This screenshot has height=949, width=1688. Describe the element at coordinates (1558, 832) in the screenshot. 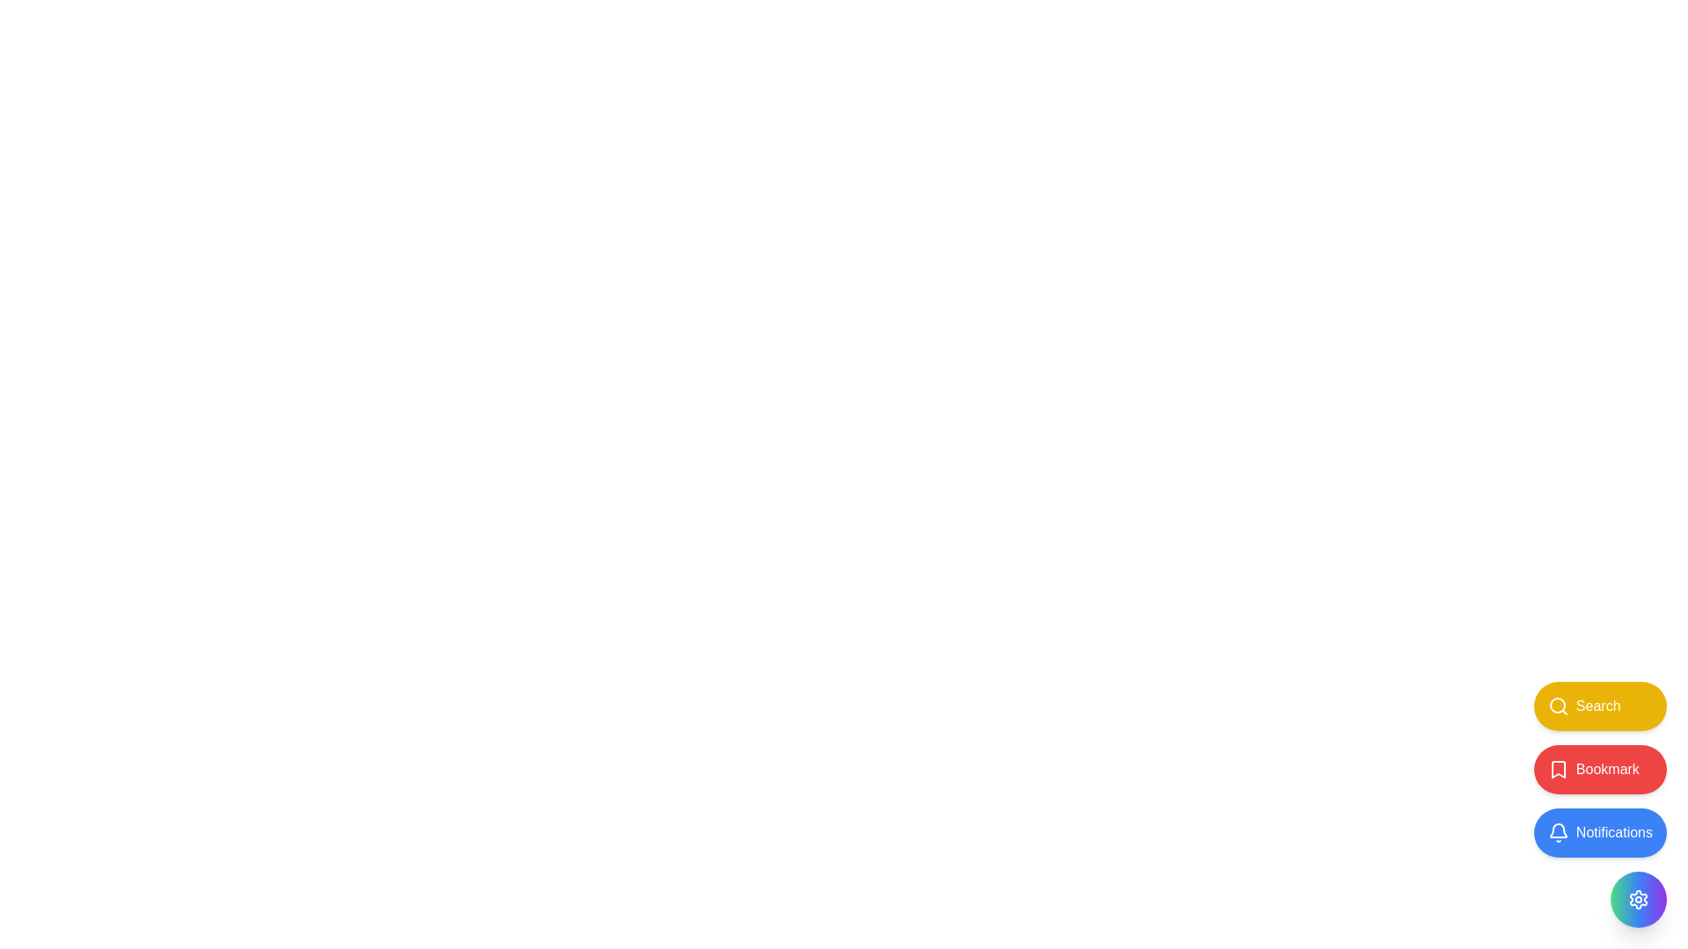

I see `the bell icon within the 'Notifications' button, which is styled as a line-drawing and located in the bottom-right vertical menu` at that location.